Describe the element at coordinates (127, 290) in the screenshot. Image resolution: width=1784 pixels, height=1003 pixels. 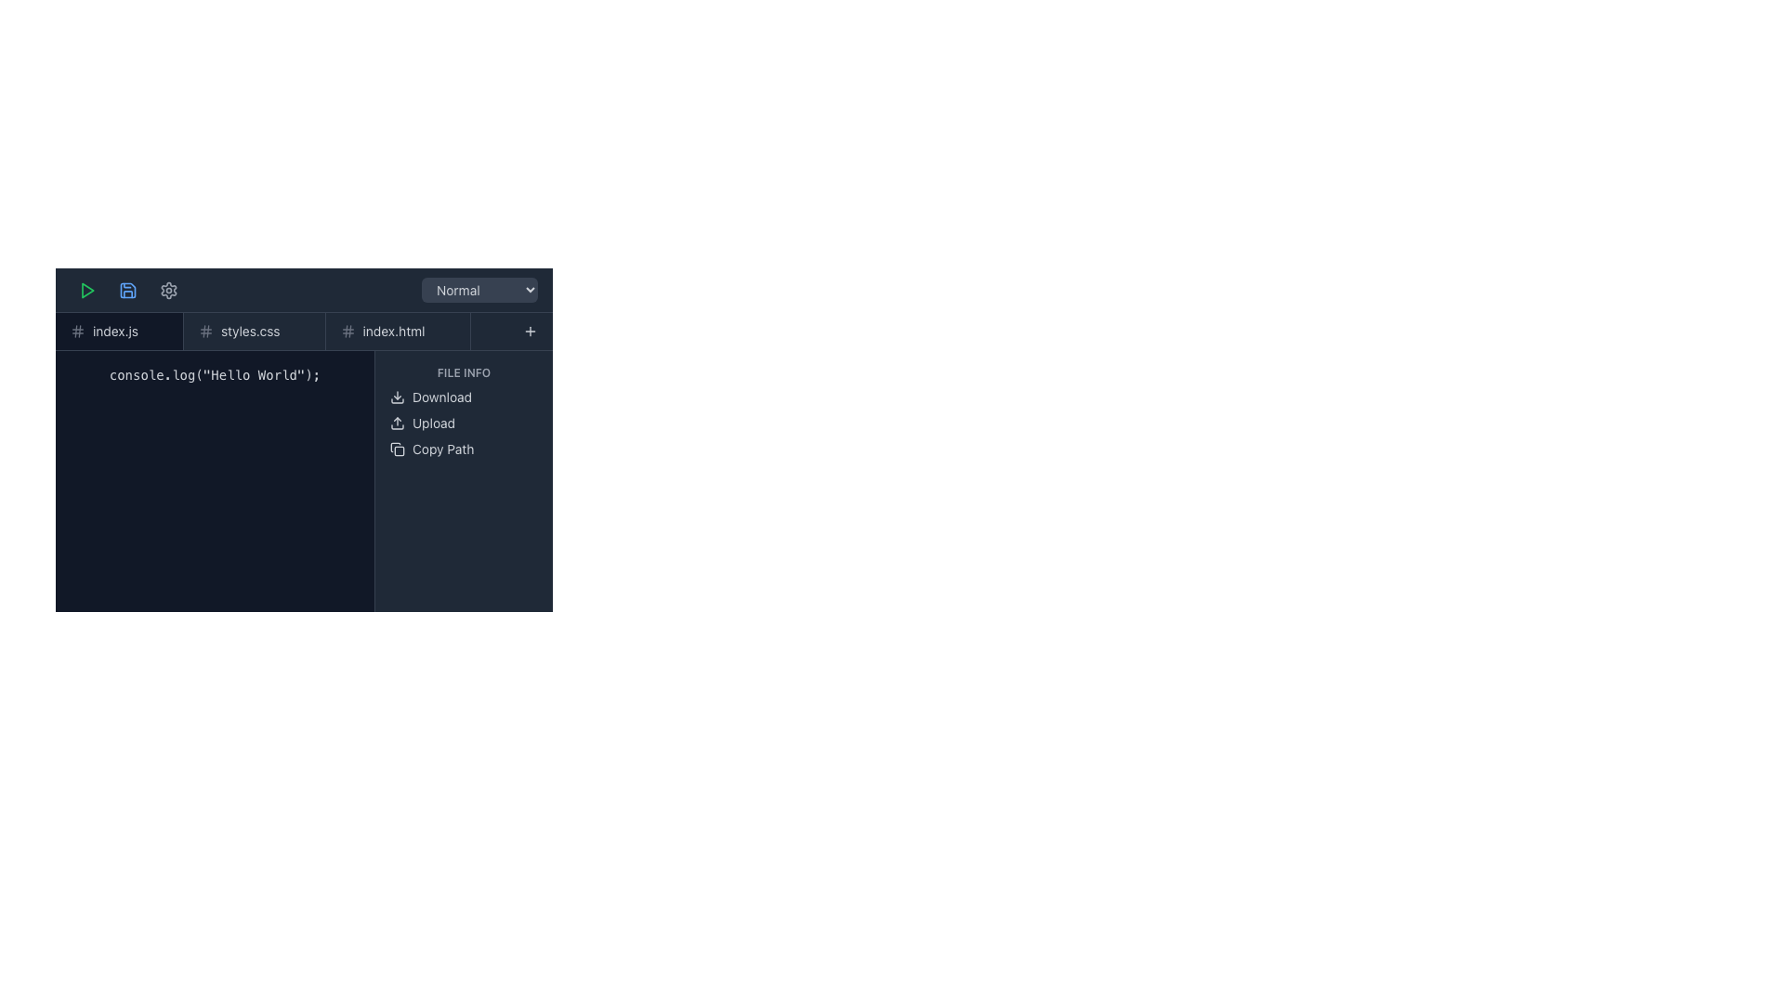
I see `the SVG save icon located in the toolbar at the top-right corner of the interface` at that location.